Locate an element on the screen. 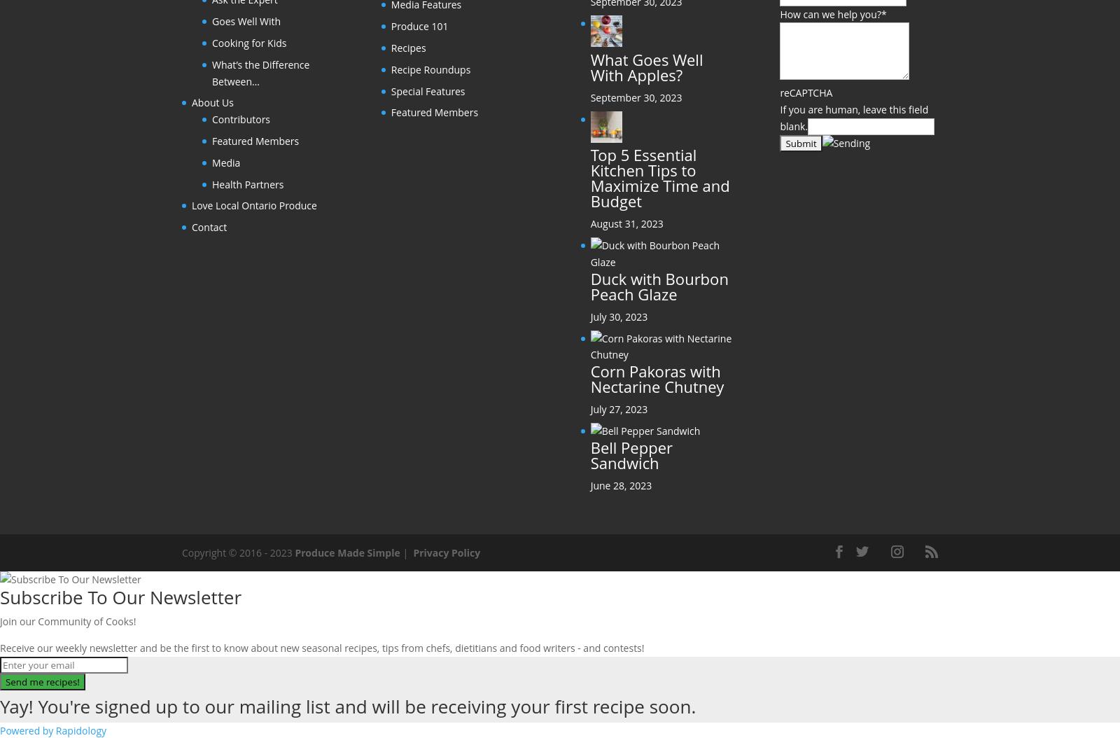 This screenshot has height=738, width=1120. 'Rapidology' is located at coordinates (55, 729).